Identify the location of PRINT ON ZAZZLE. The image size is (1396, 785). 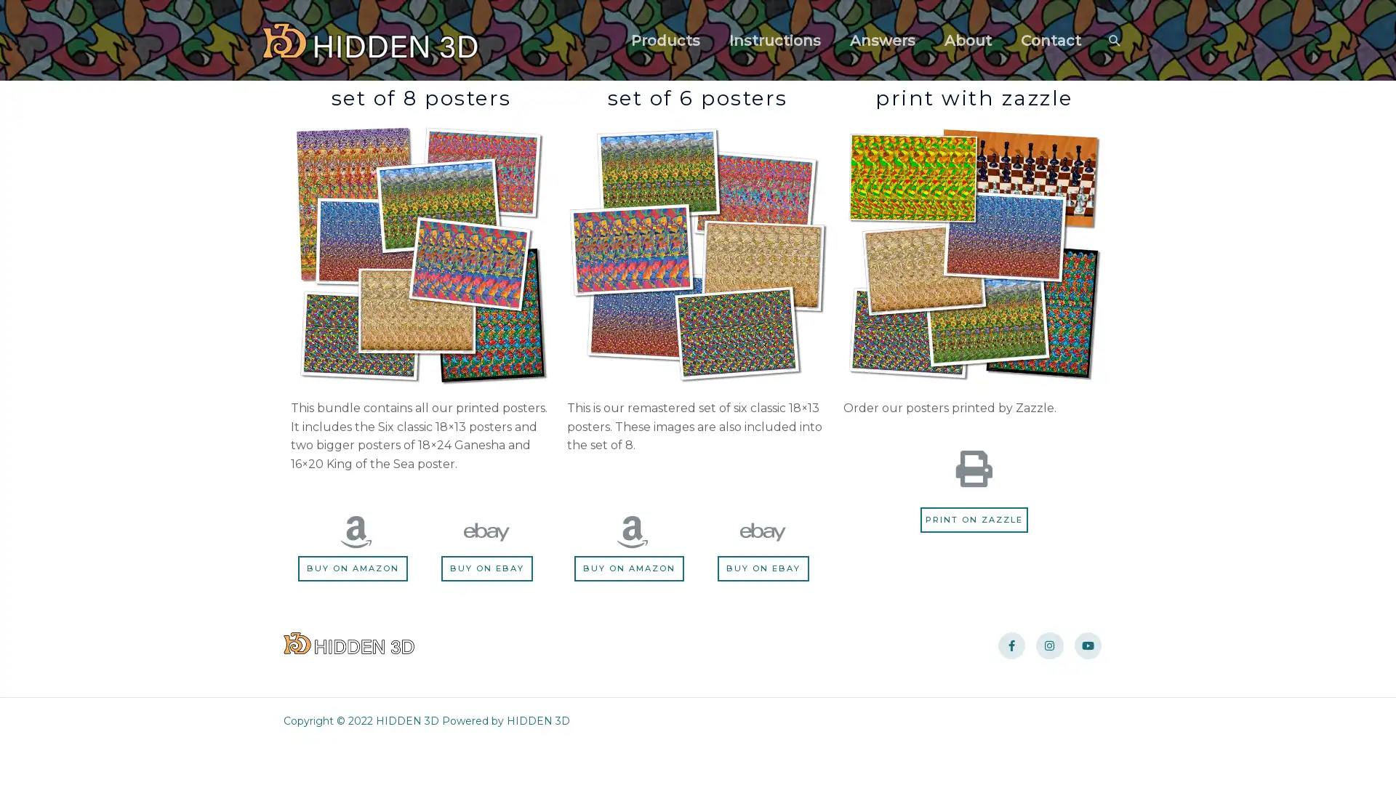
(974, 518).